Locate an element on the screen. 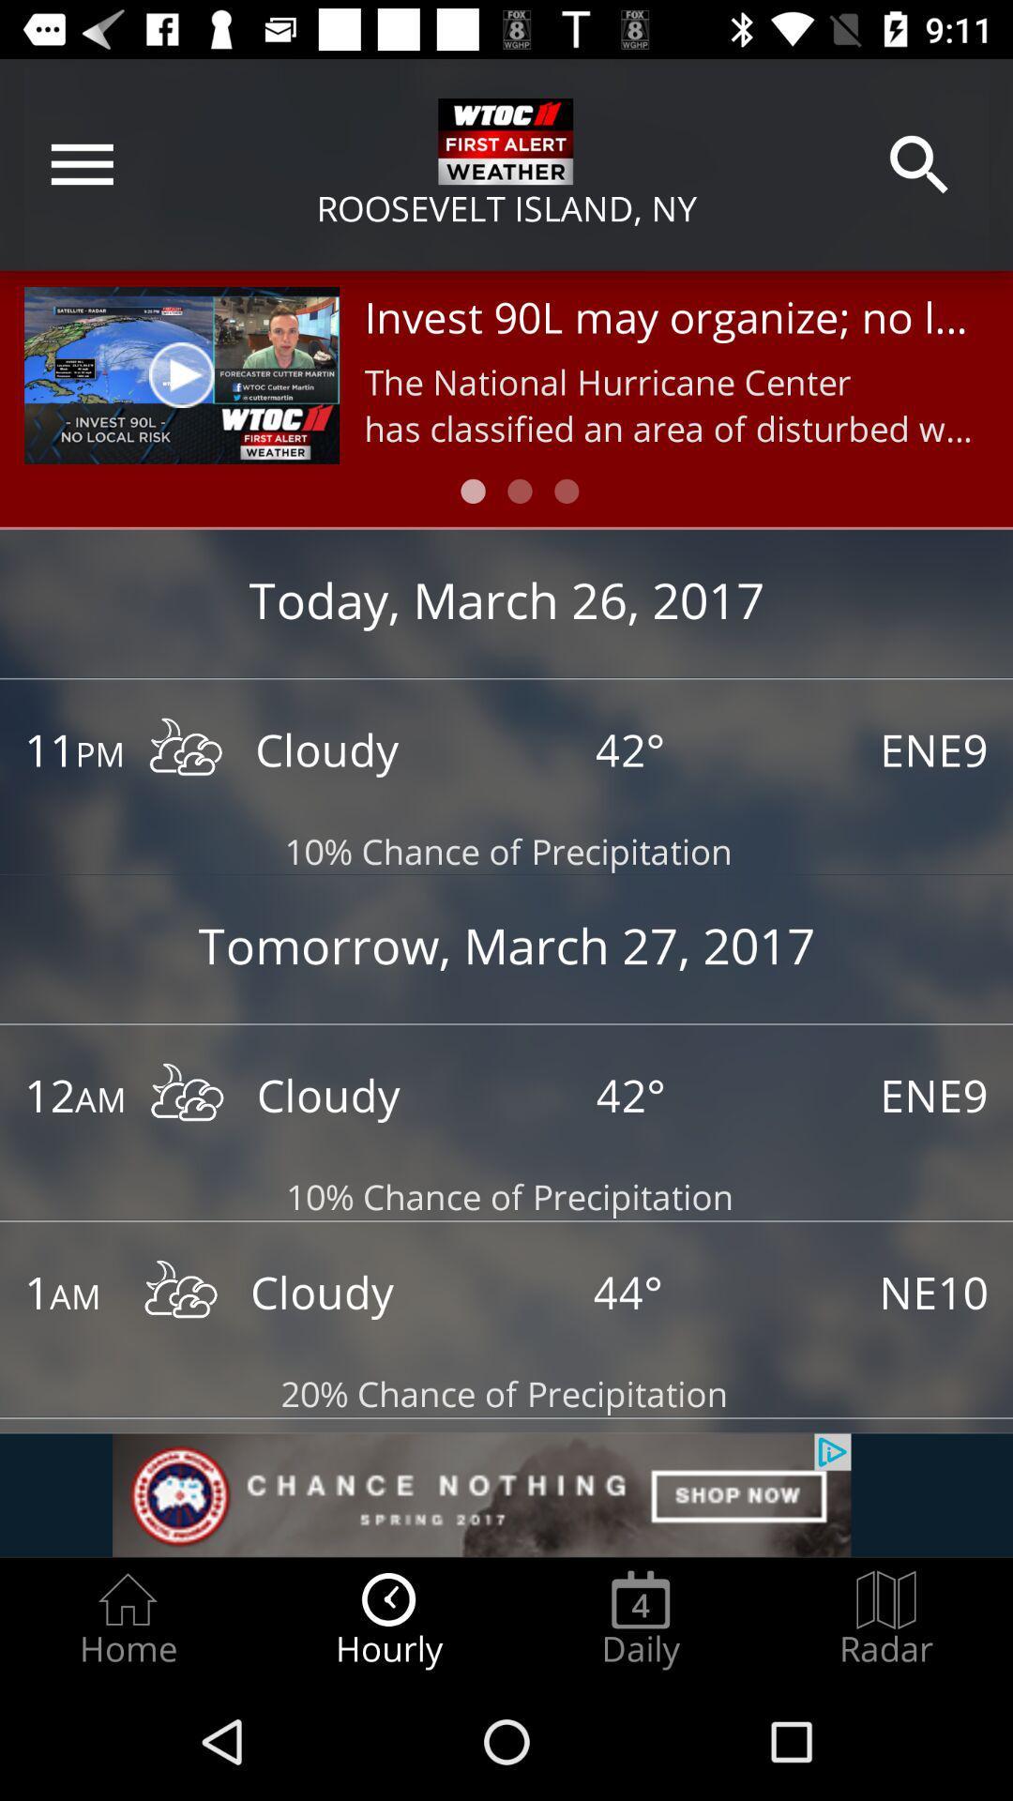  icon to the right of the daily is located at coordinates (886, 1619).